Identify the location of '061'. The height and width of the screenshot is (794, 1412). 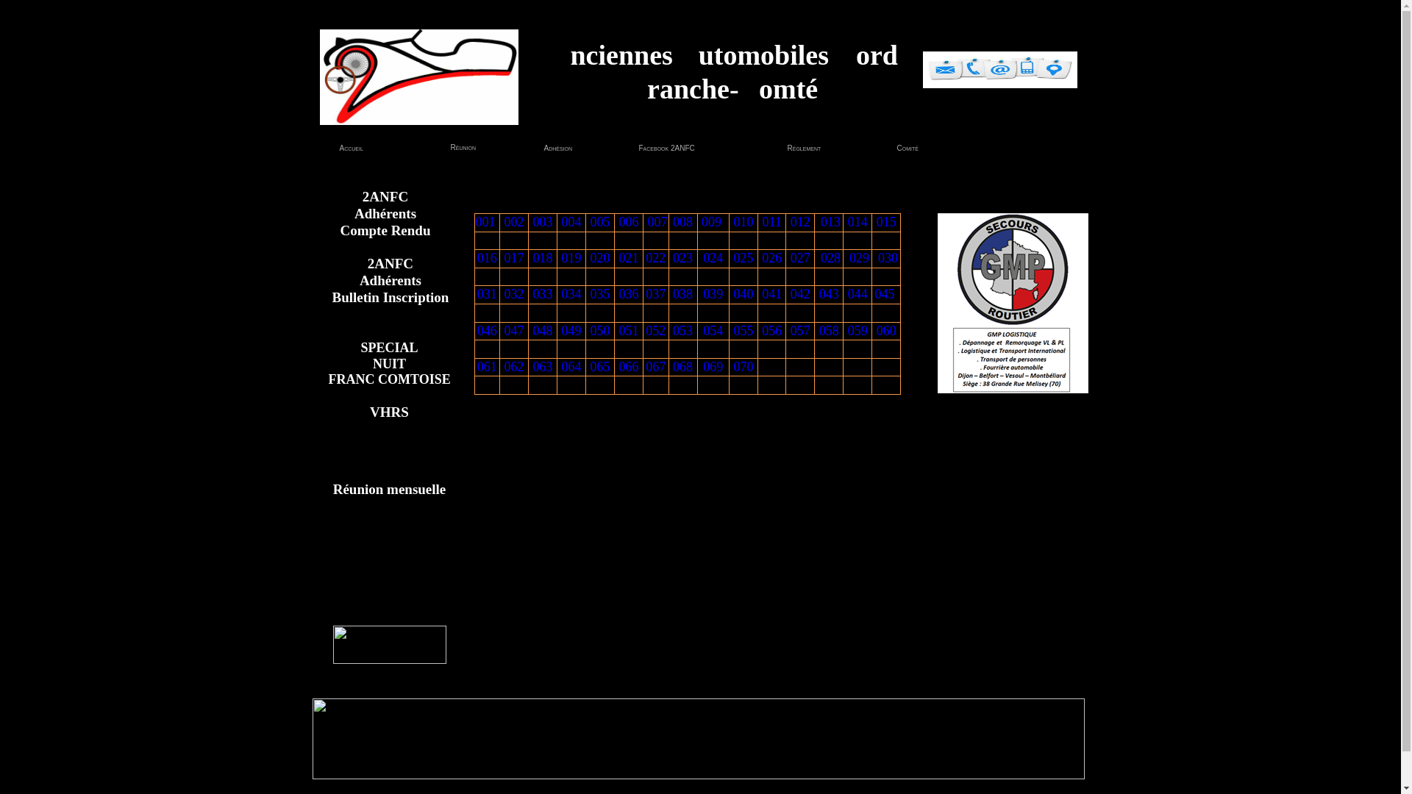
(487, 365).